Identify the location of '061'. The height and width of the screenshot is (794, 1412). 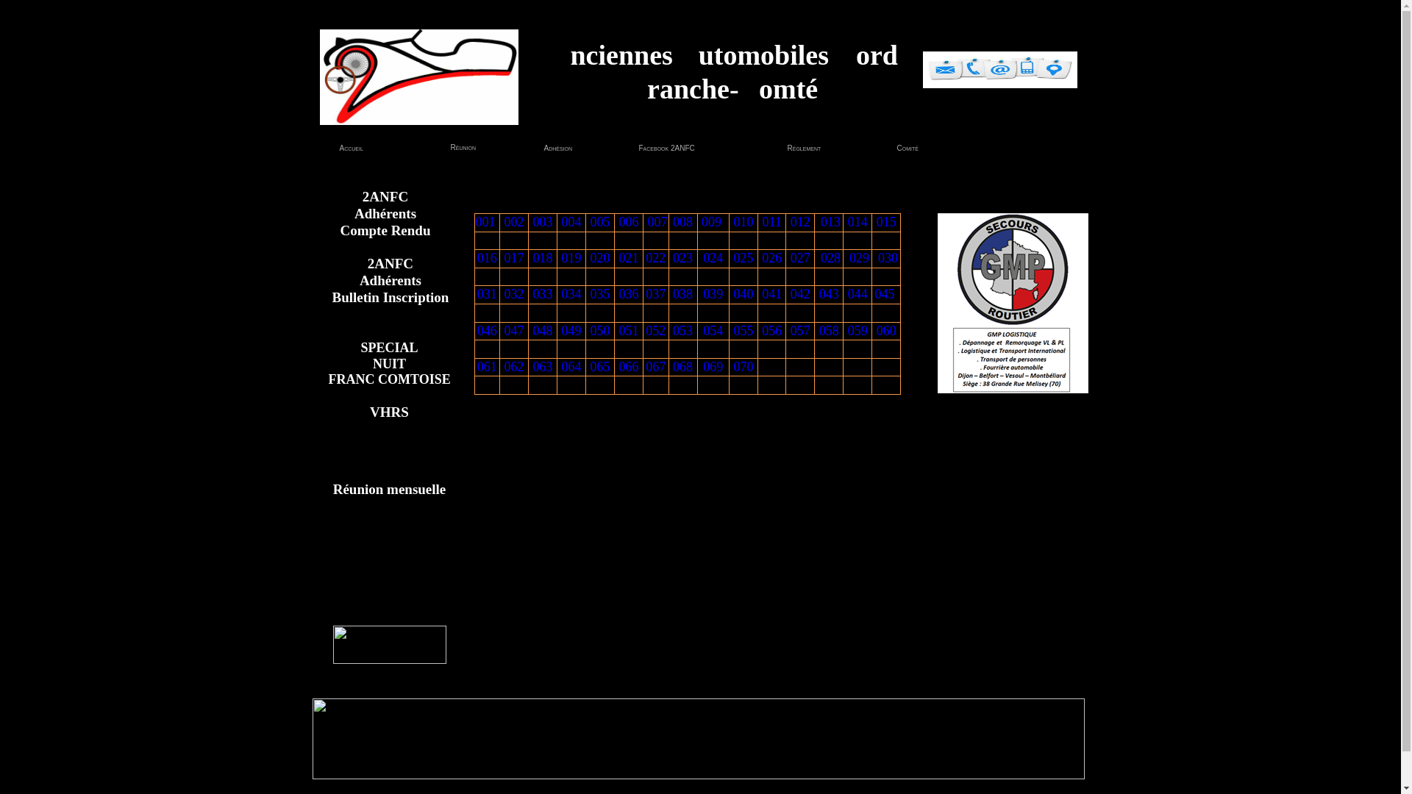
(487, 365).